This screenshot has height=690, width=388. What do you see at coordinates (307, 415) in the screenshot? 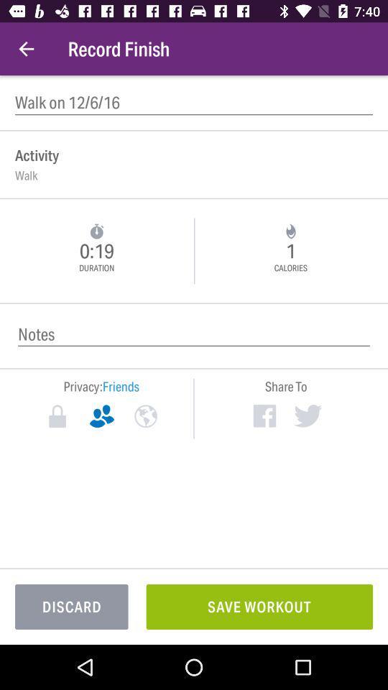
I see `item below the share to icon` at bounding box center [307, 415].